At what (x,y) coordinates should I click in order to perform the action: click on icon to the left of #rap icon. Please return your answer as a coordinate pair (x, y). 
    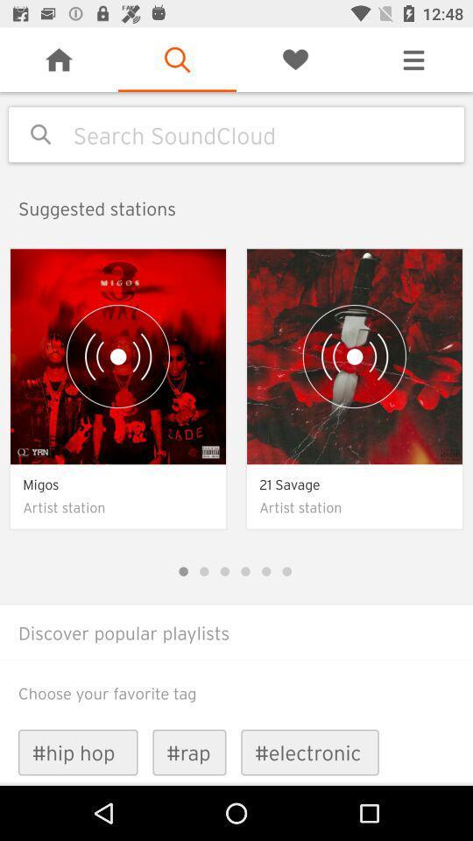
    Looking at the image, I should click on (77, 752).